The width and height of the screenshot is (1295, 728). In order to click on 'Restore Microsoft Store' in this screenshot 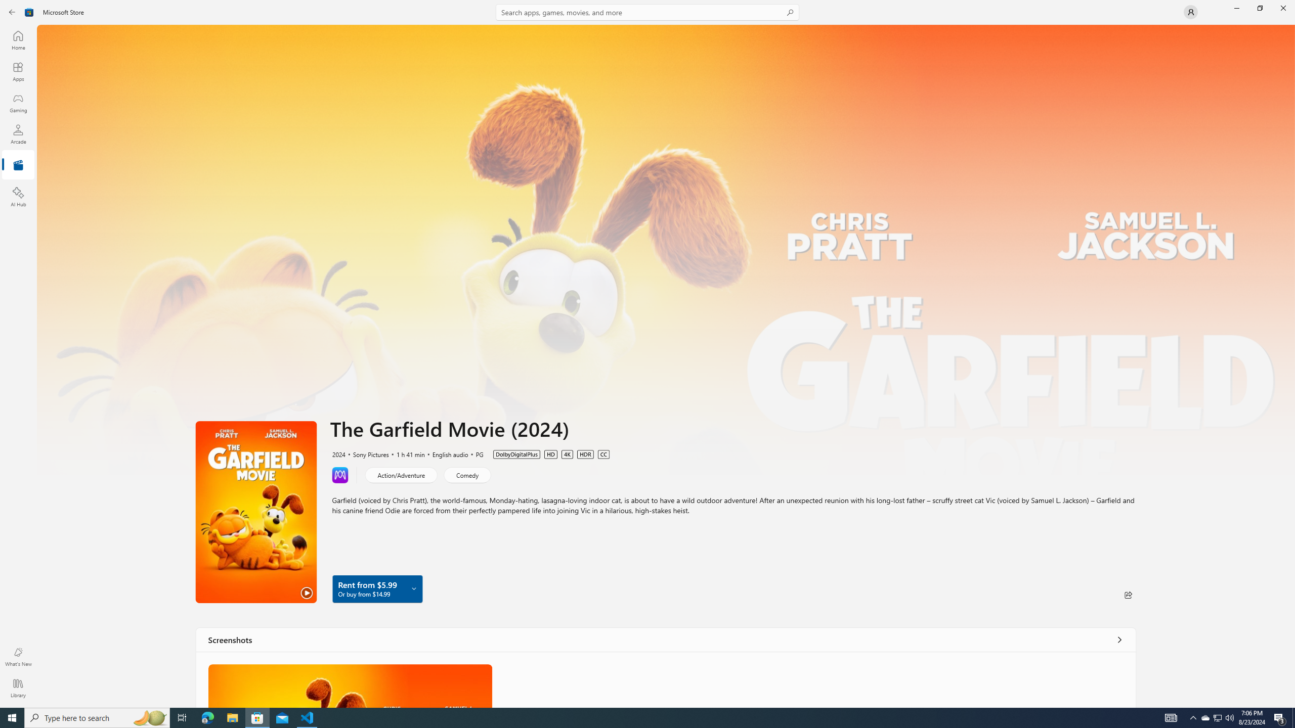, I will do `click(1260, 8)`.